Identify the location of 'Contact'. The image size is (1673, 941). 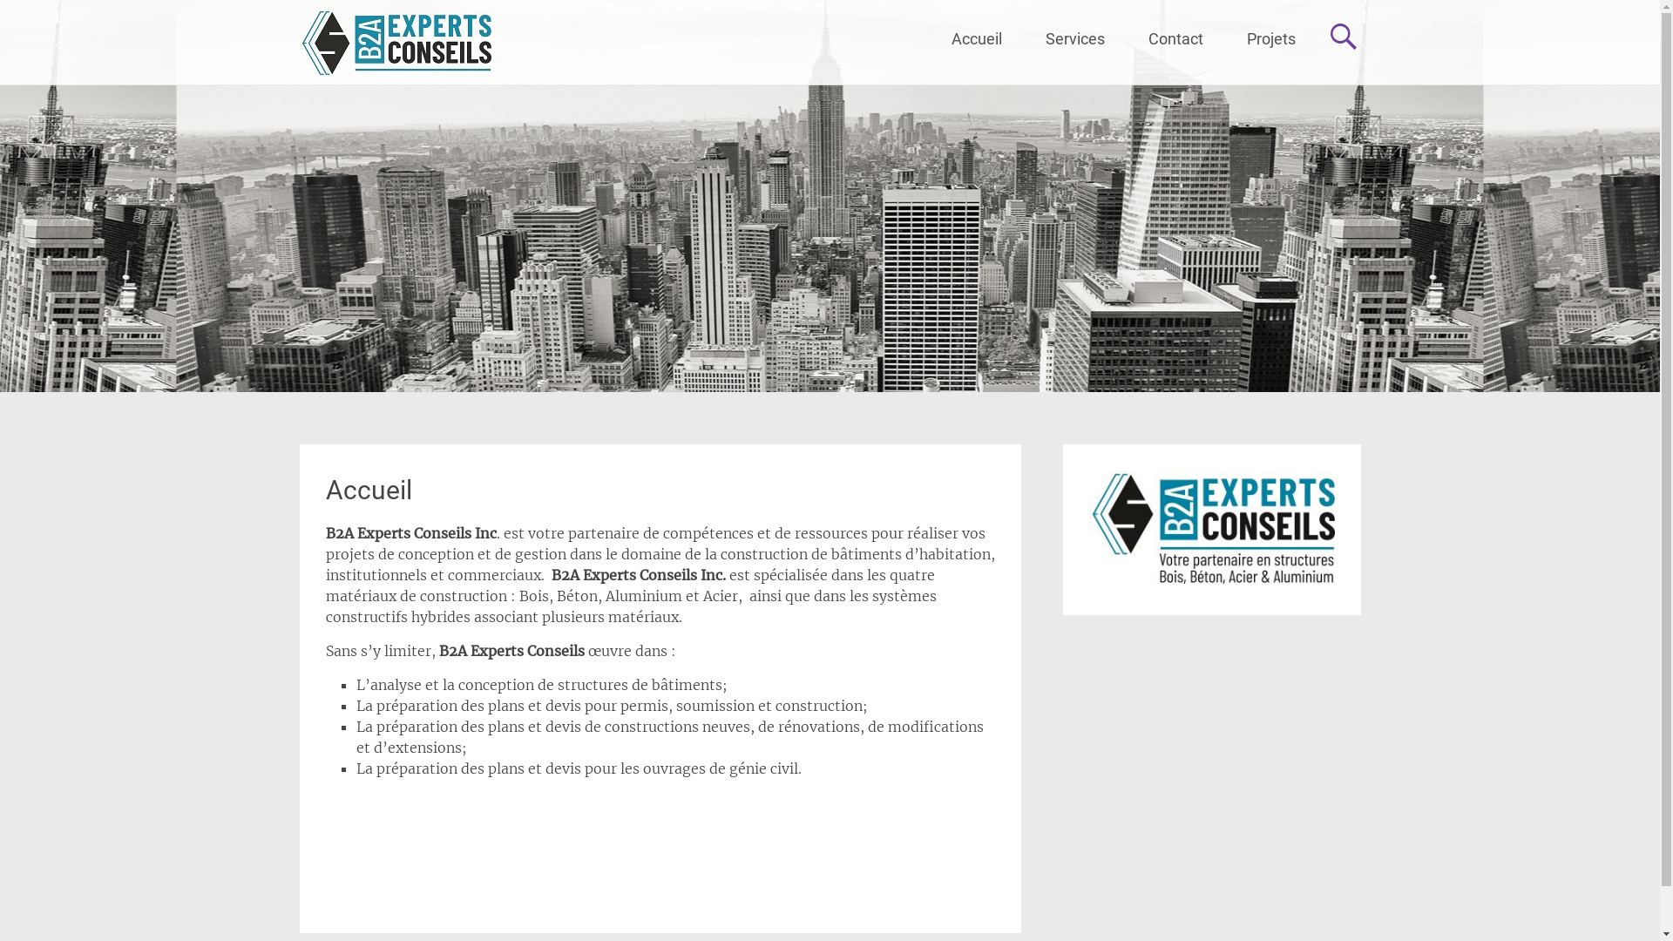
(1175, 39).